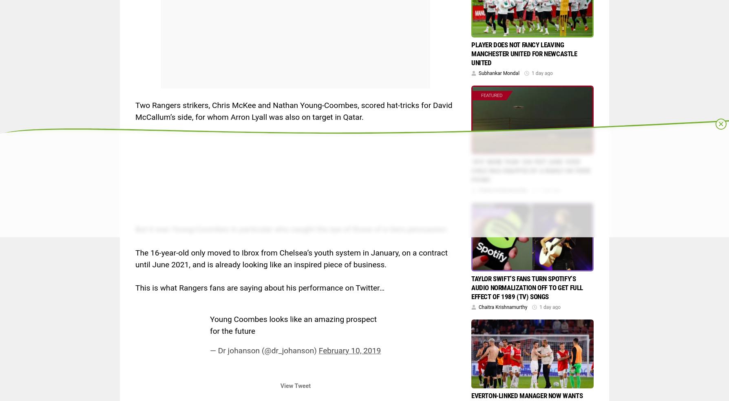 The image size is (729, 401). Describe the element at coordinates (291, 258) in the screenshot. I see `'The 16-year-old only moved to Ibrox from Chelsea’s youth system in January, on a contract until June 2021, and is already looking like an inspired piece of business.'` at that location.